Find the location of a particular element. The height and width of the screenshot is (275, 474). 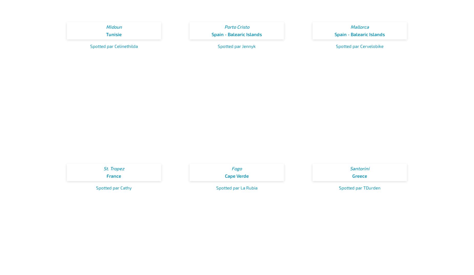

'Mallorca' is located at coordinates (359, 27).